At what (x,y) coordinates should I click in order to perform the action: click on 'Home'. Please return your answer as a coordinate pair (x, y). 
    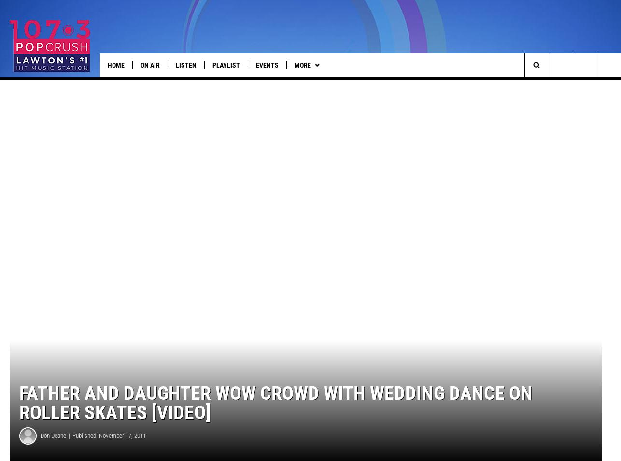
    Looking at the image, I should click on (116, 65).